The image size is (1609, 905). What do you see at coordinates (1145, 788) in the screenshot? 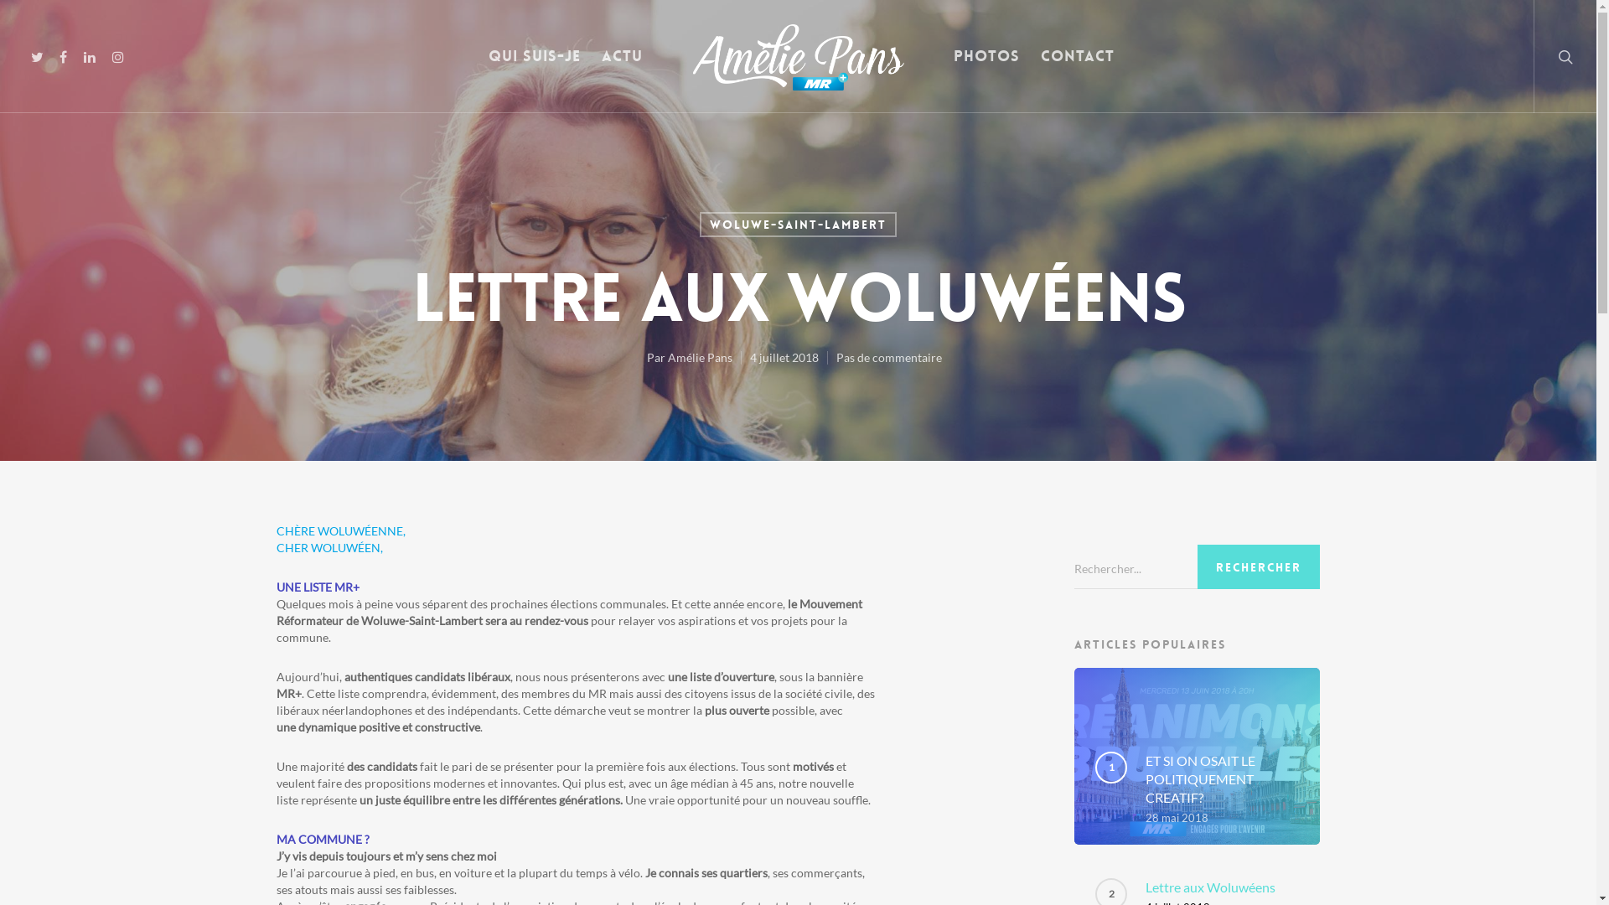
I see `'ET SI ON OSAIT LE POLITIQUEMENT CREATIF?` at bounding box center [1145, 788].